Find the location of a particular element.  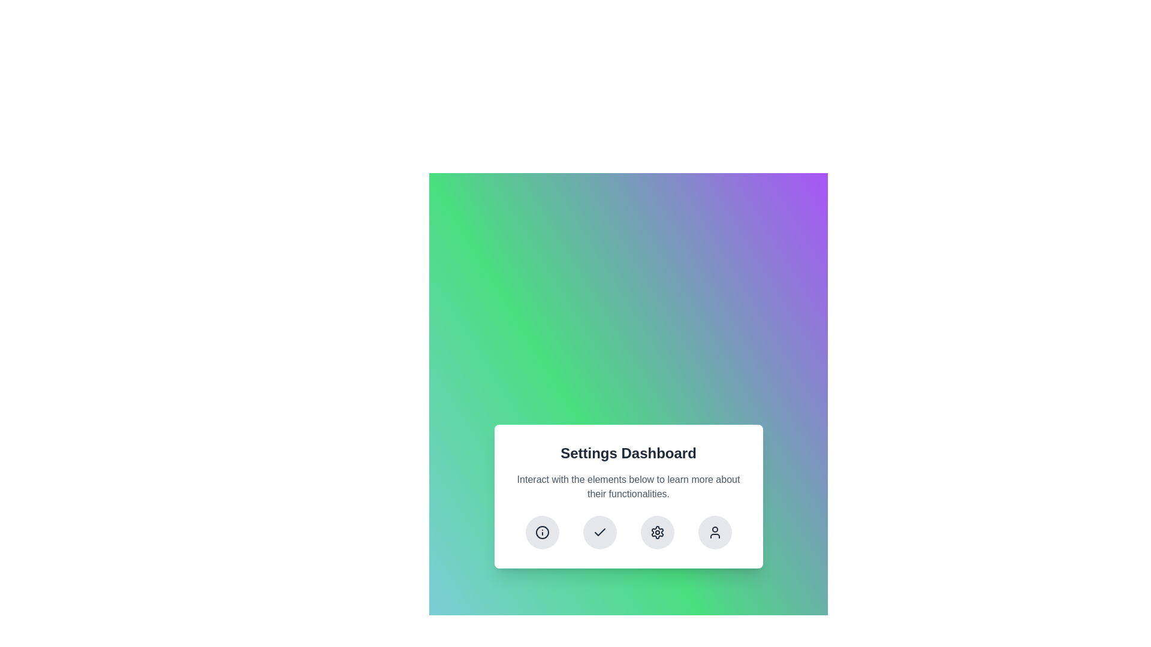

the circular button with a gray background, which is the first among a set of four buttons positioned on the lower left of the 'Settings Dashboard' is located at coordinates (541, 531).